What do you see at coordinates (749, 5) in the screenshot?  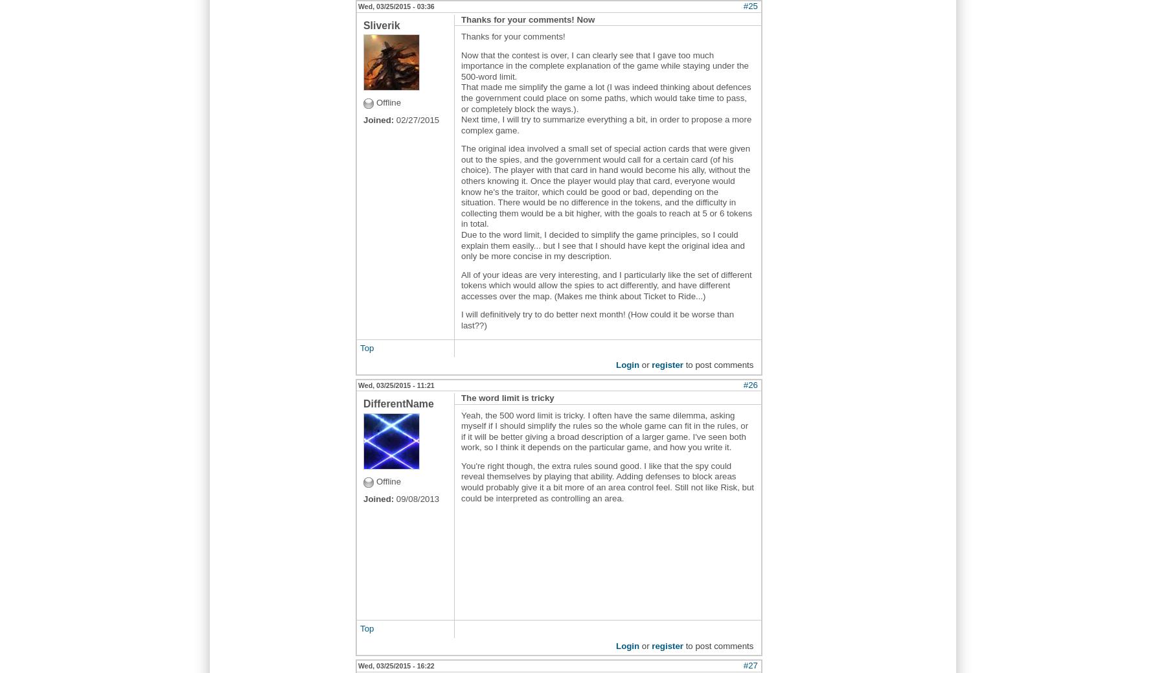 I see `'#25'` at bounding box center [749, 5].